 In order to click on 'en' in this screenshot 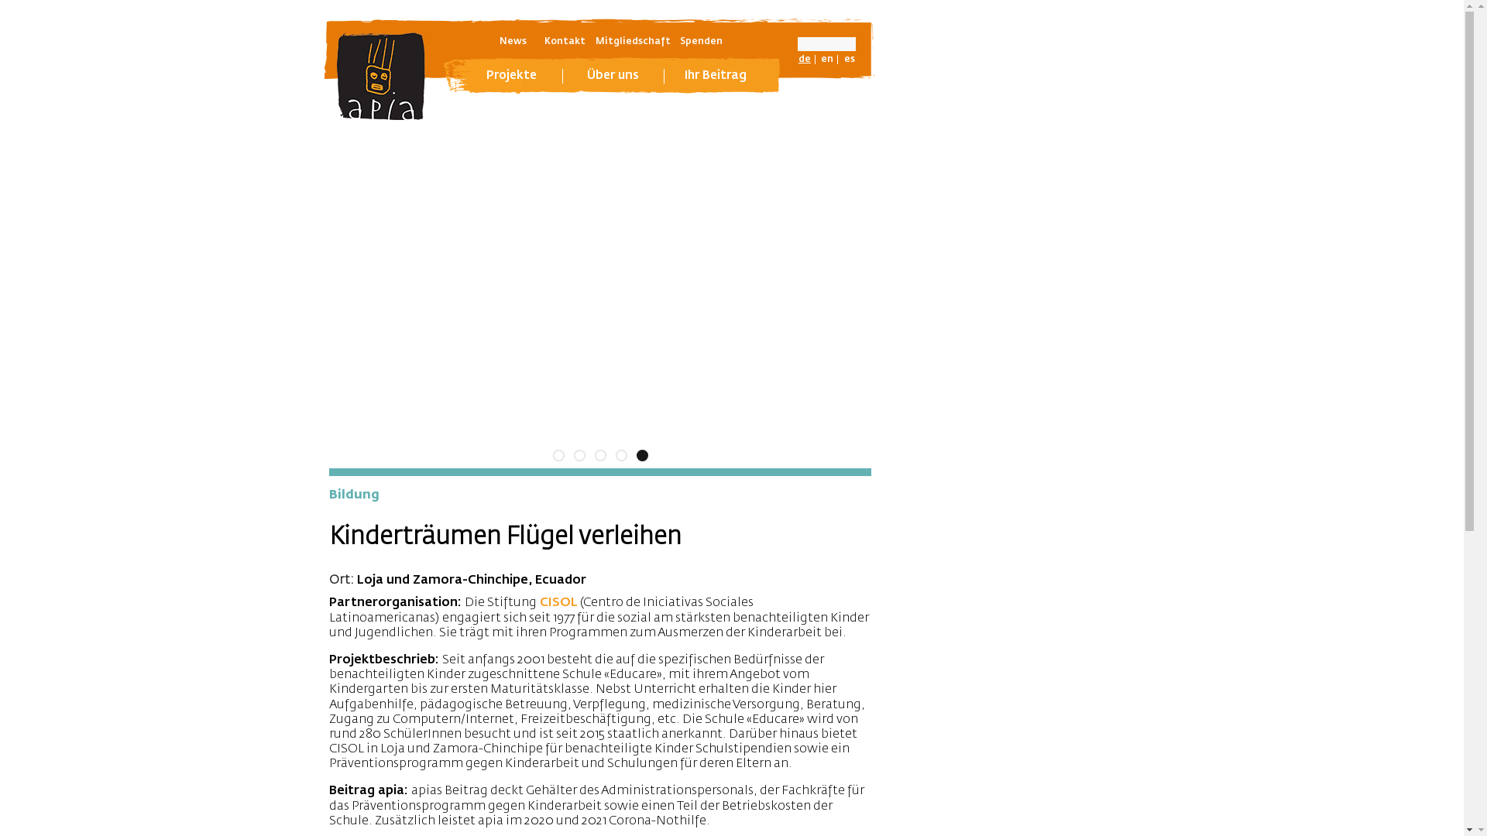, I will do `click(826, 59)`.